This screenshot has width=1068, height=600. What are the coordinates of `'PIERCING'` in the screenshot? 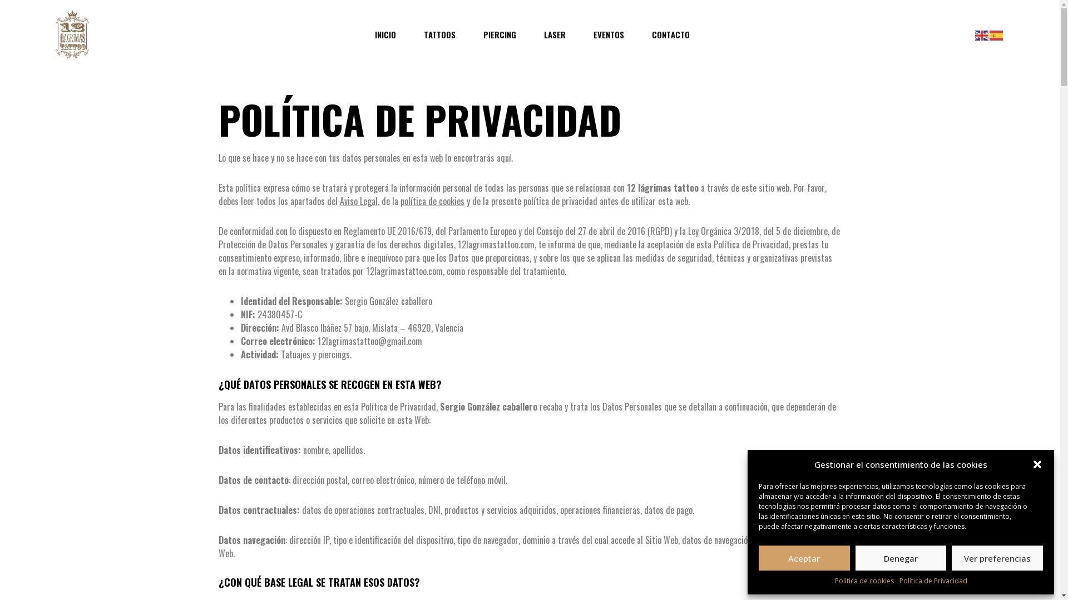 It's located at (483, 33).